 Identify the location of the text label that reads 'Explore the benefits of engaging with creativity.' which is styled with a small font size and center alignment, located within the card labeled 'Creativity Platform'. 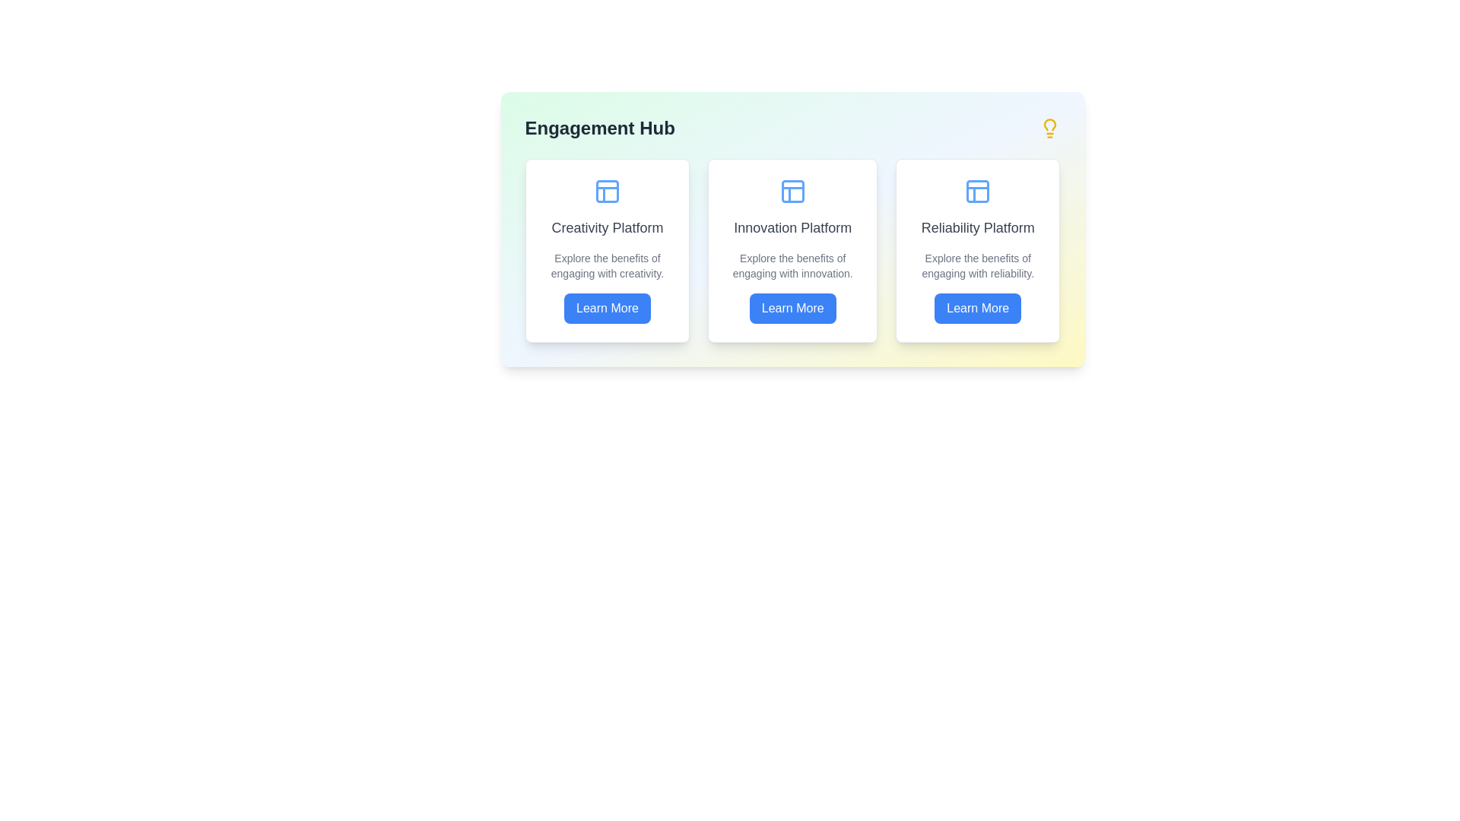
(606, 265).